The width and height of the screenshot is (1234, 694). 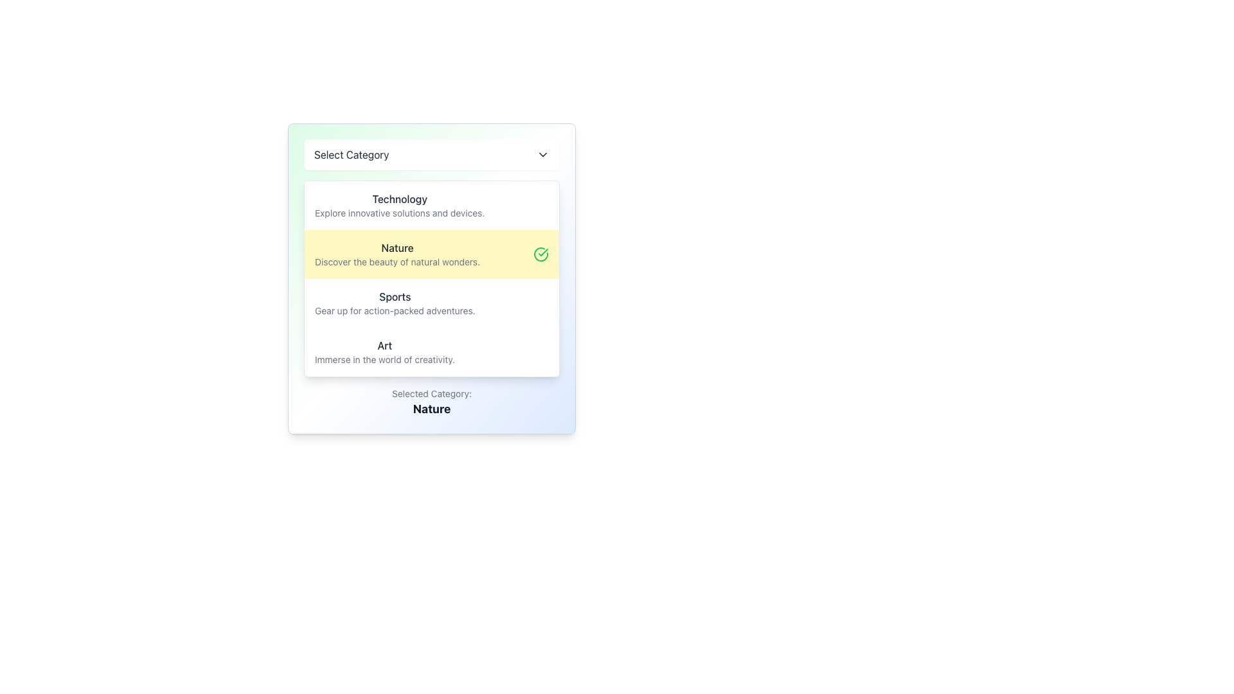 I want to click on the bold text label reading 'Nature', which is styled prominently in black and located below the text 'Selected Category:' in the modal, so click(x=432, y=409).